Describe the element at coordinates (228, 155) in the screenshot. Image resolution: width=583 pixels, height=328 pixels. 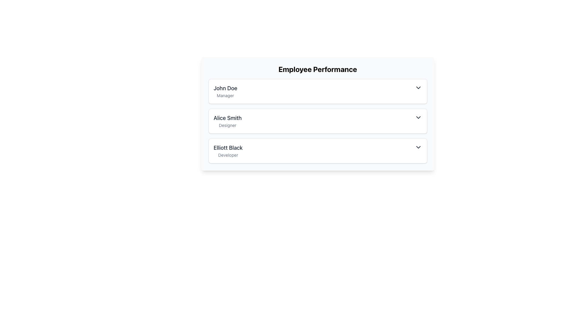
I see `the static text label indicating the role or title of the person named 'Elliott Black', located at the bottom-left section of the card labeled 'Elliott Black'` at that location.